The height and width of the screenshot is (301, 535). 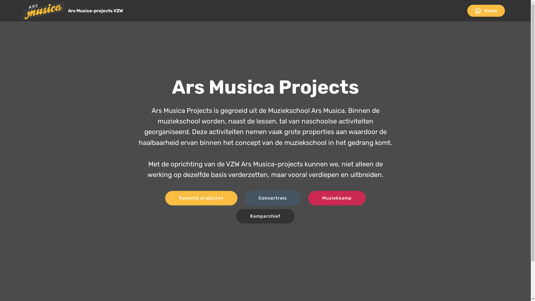 What do you see at coordinates (245, 198) in the screenshot?
I see `'Concertreis'` at bounding box center [245, 198].